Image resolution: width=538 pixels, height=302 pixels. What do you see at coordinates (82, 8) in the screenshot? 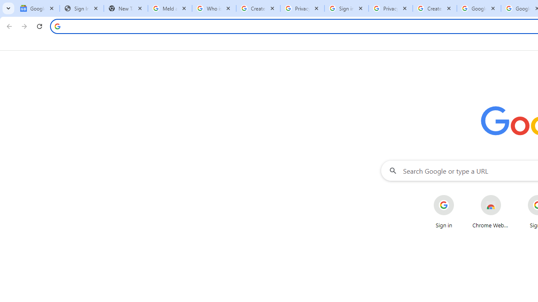
I see `'Sign In - USA TODAY'` at bounding box center [82, 8].